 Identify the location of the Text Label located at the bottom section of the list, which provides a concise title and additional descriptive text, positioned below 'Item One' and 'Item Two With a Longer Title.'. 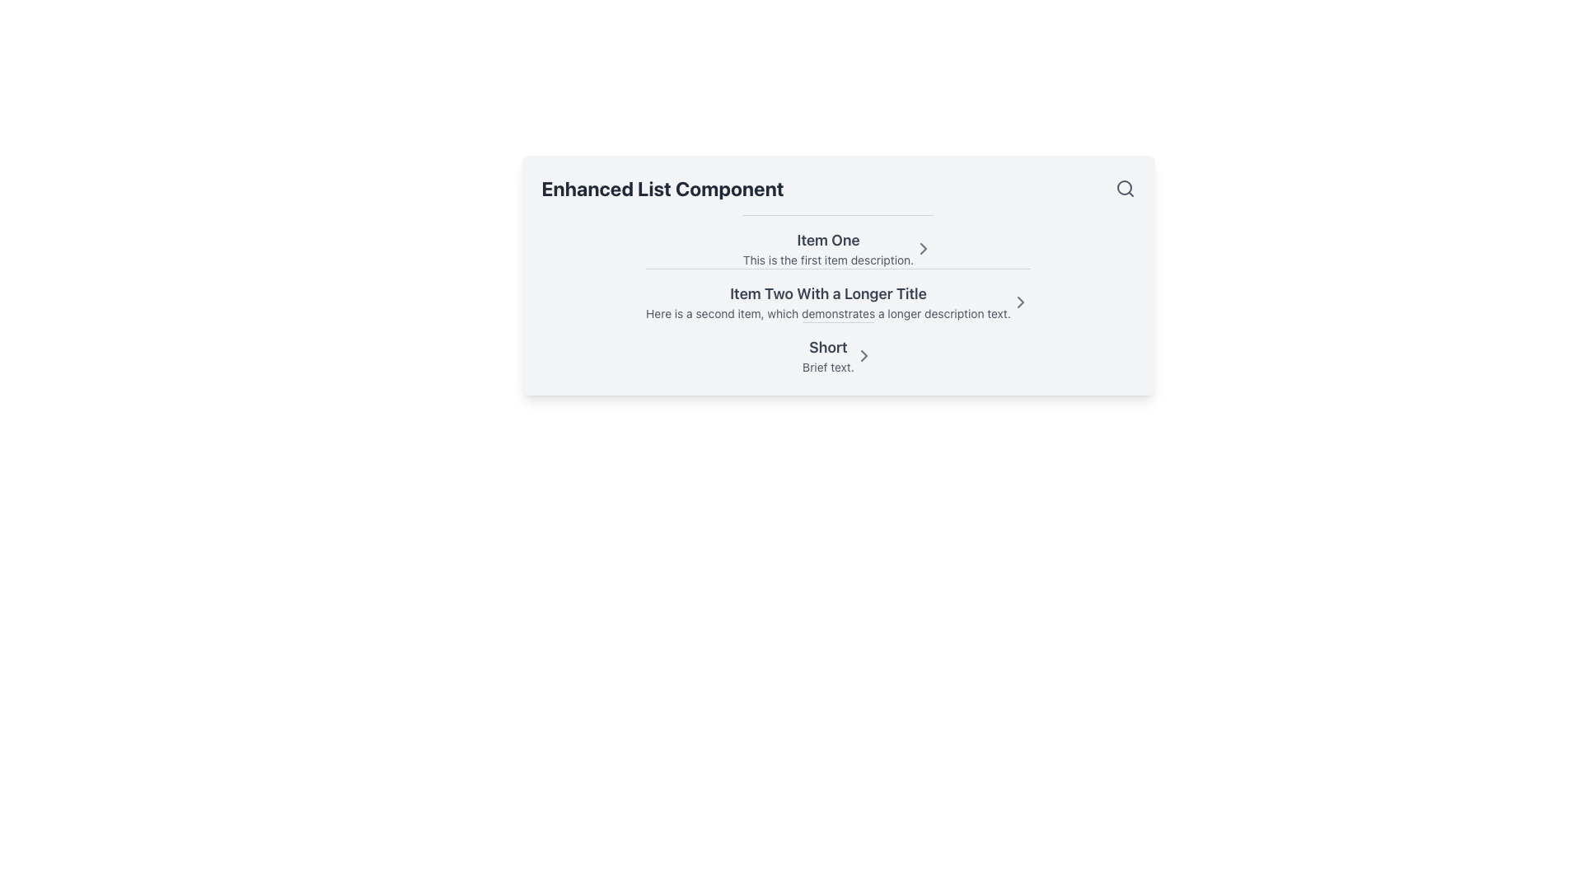
(828, 355).